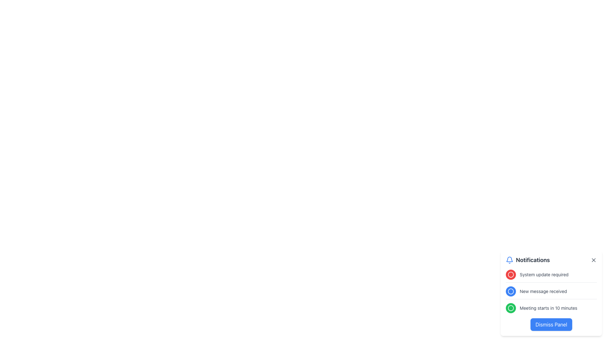 The height and width of the screenshot is (341, 607). I want to click on the notification item displaying 'System update required', which is the first item in the notification panel, so click(551, 276).